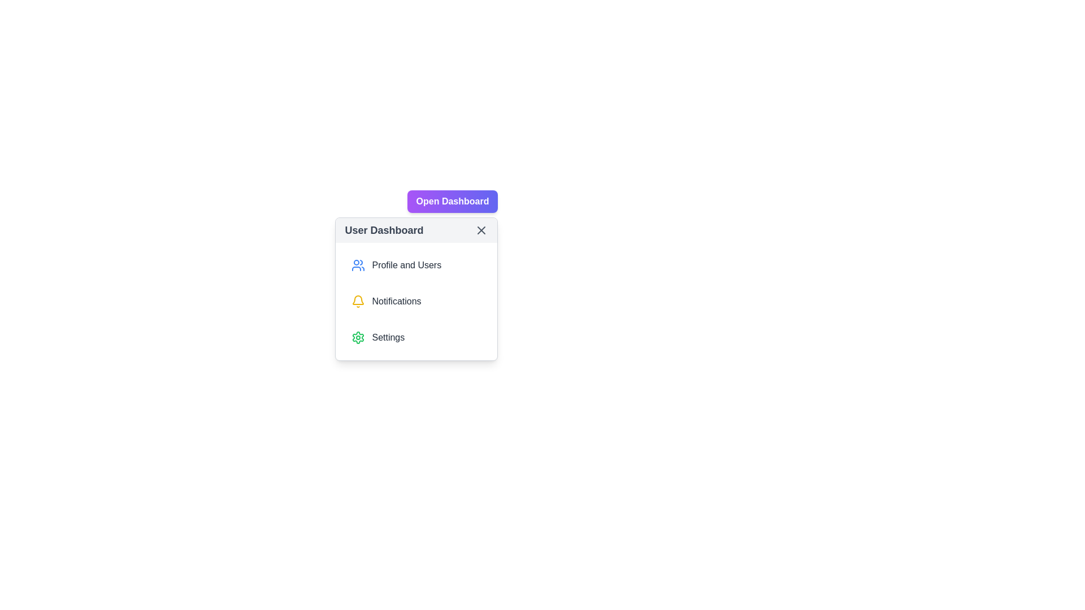 The image size is (1085, 610). I want to click on the 'Profile and Users' button, which is the first option in the 'User Dashboard' panel, featuring a blue user icon and bold gray text, so click(416, 265).